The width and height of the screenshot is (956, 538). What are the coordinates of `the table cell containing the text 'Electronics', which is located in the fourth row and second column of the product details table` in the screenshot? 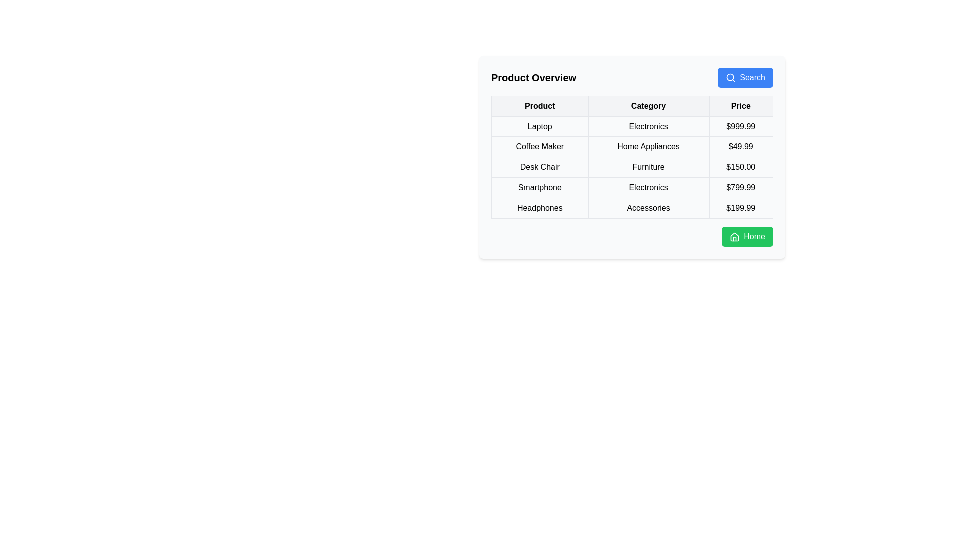 It's located at (632, 188).